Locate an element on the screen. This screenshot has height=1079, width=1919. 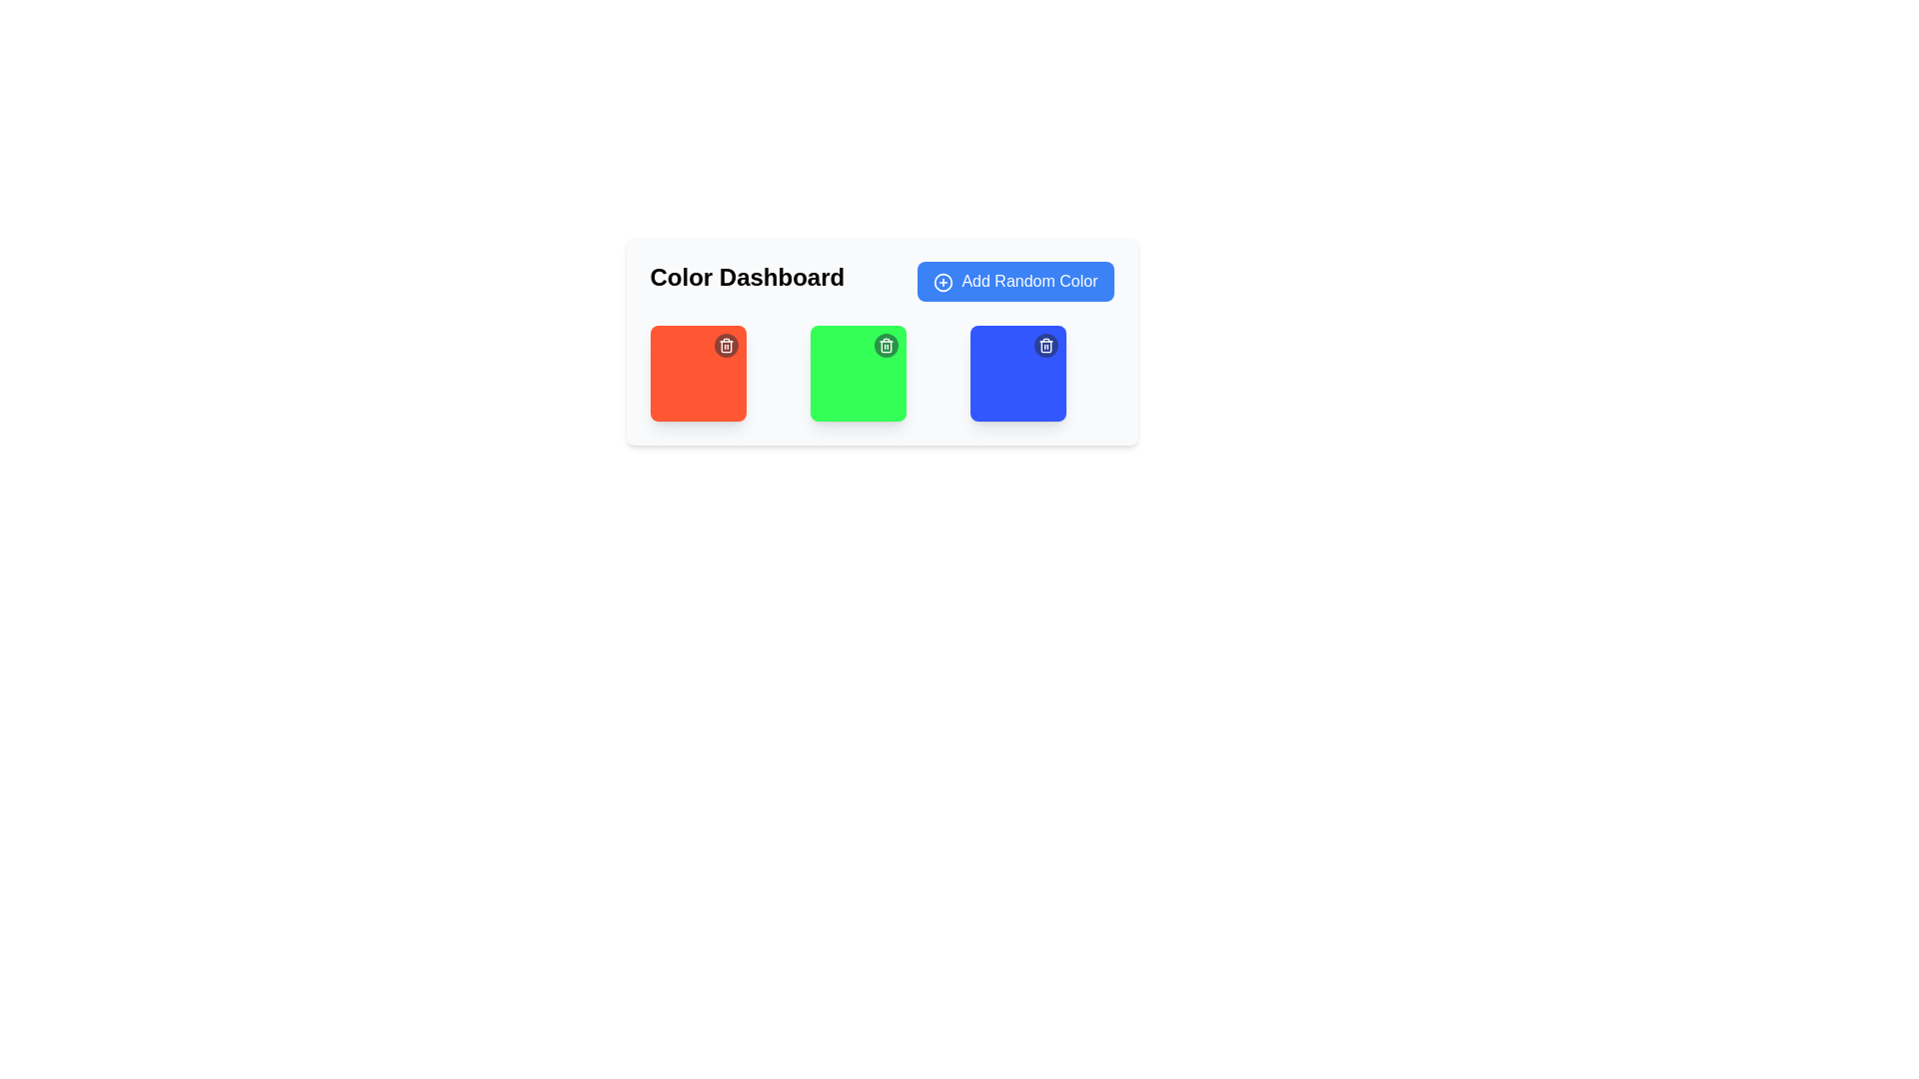
the button located in the top-right corner of the 'Color Dashboard' interface is located at coordinates (1015, 281).